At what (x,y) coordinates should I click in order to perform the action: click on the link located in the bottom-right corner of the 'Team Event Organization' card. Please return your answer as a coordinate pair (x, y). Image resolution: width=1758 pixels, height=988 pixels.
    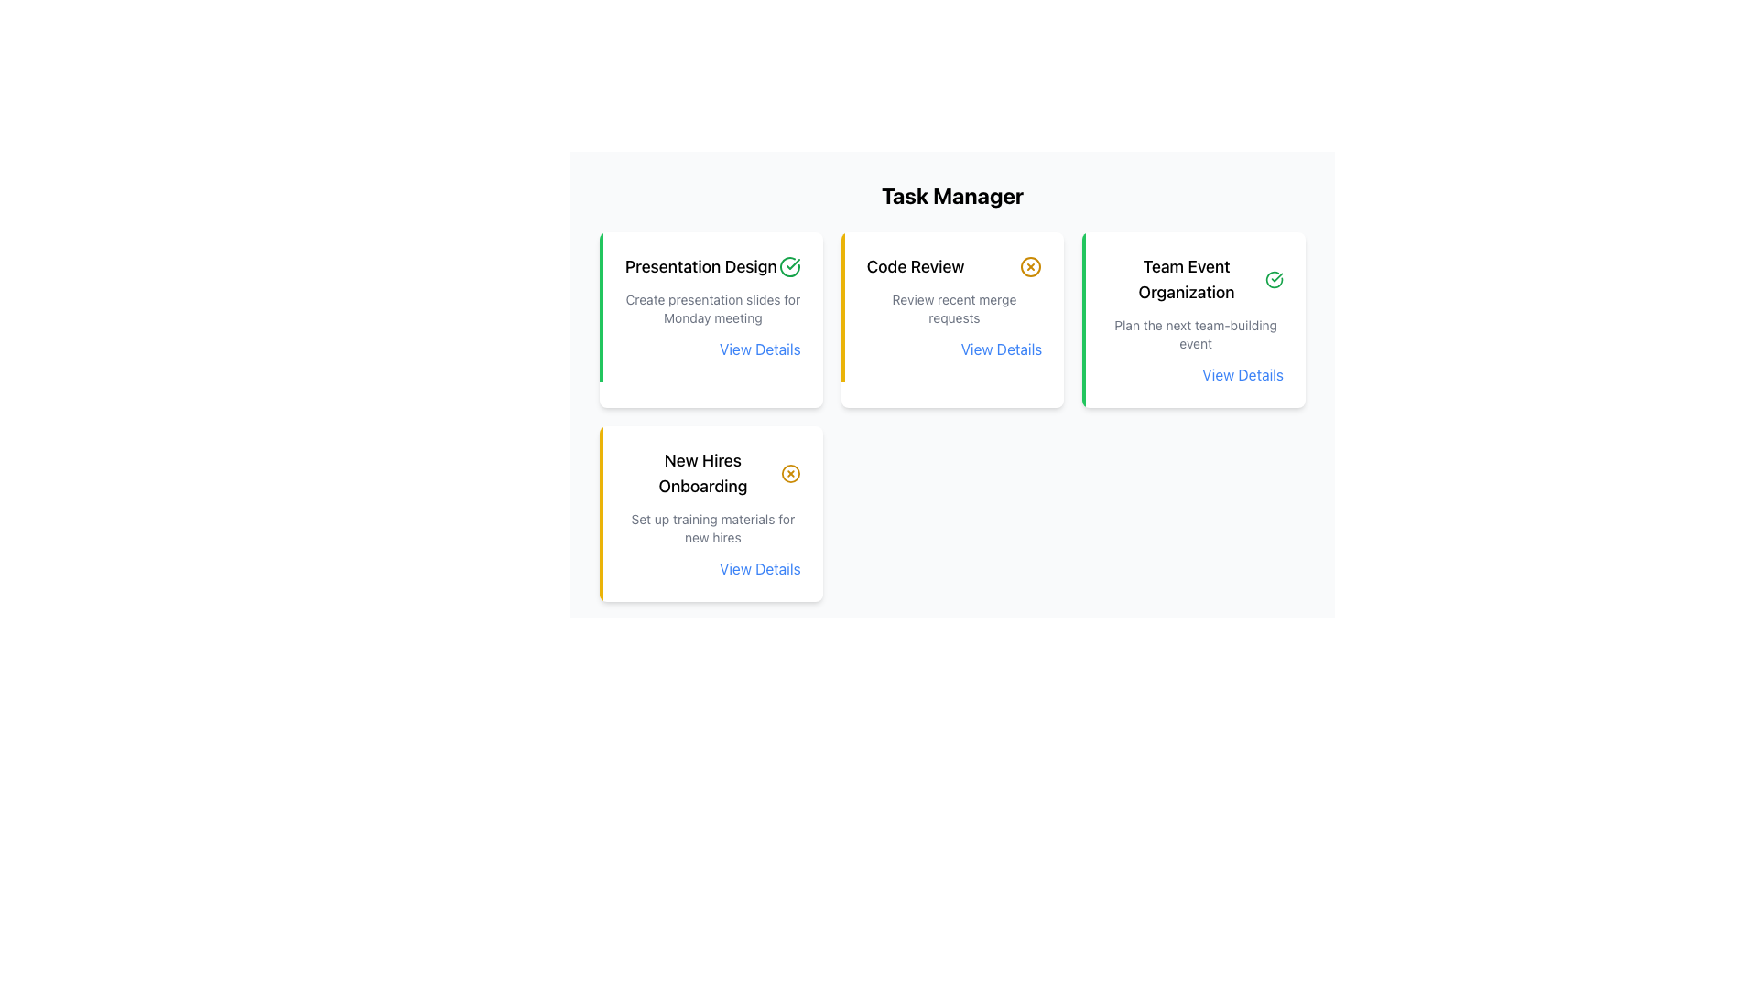
    Looking at the image, I should click on (1195, 373).